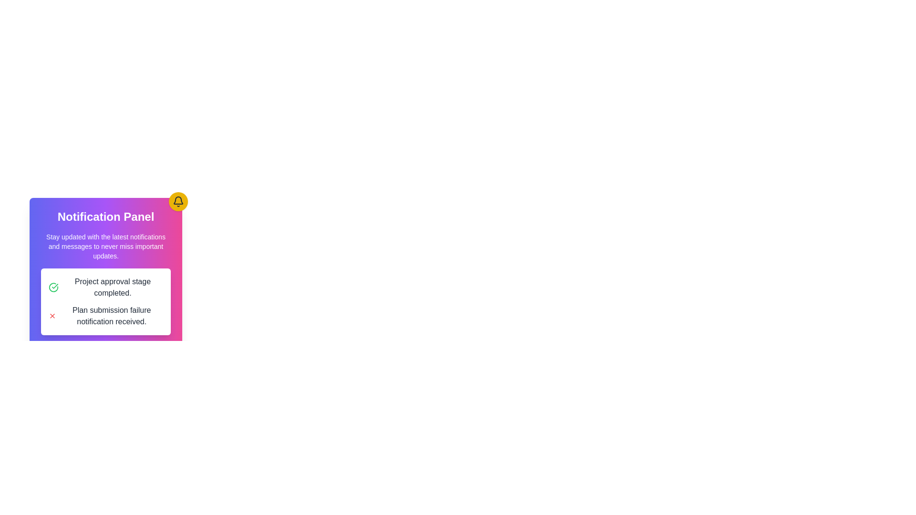 Image resolution: width=916 pixels, height=515 pixels. What do you see at coordinates (178, 201) in the screenshot?
I see `the notification bell icon located at the top-right corner of the notification card to interact with it and open the notification list` at bounding box center [178, 201].